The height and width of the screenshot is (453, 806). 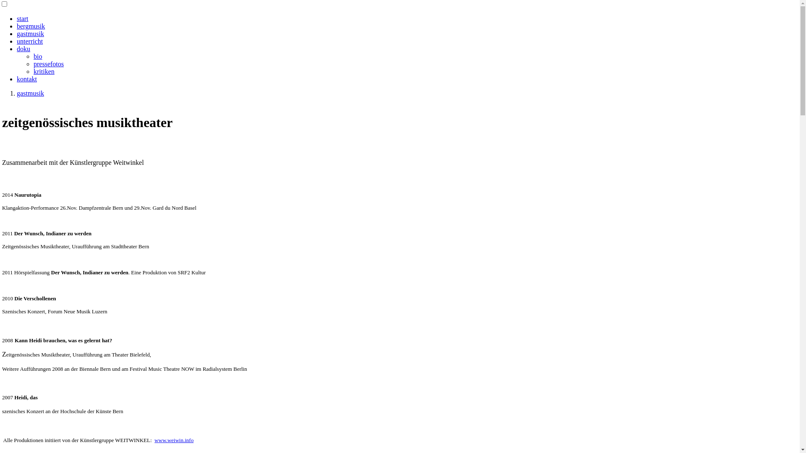 What do you see at coordinates (30, 33) in the screenshot?
I see `'gastmusik'` at bounding box center [30, 33].